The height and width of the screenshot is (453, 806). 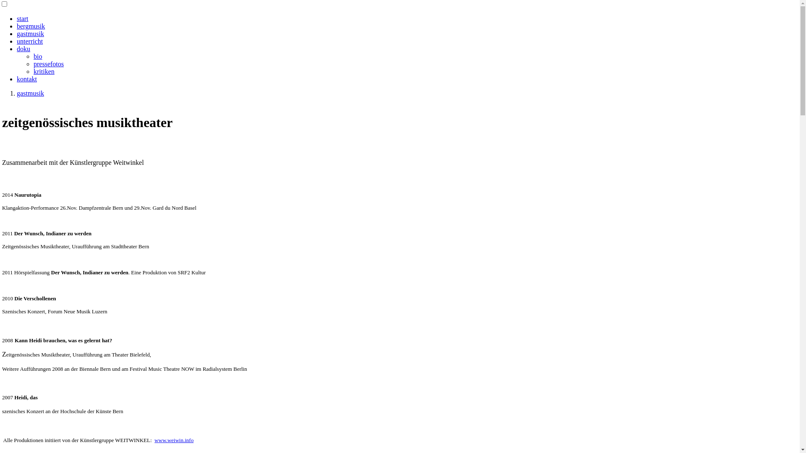 What do you see at coordinates (30, 33) in the screenshot?
I see `'gastmusik'` at bounding box center [30, 33].